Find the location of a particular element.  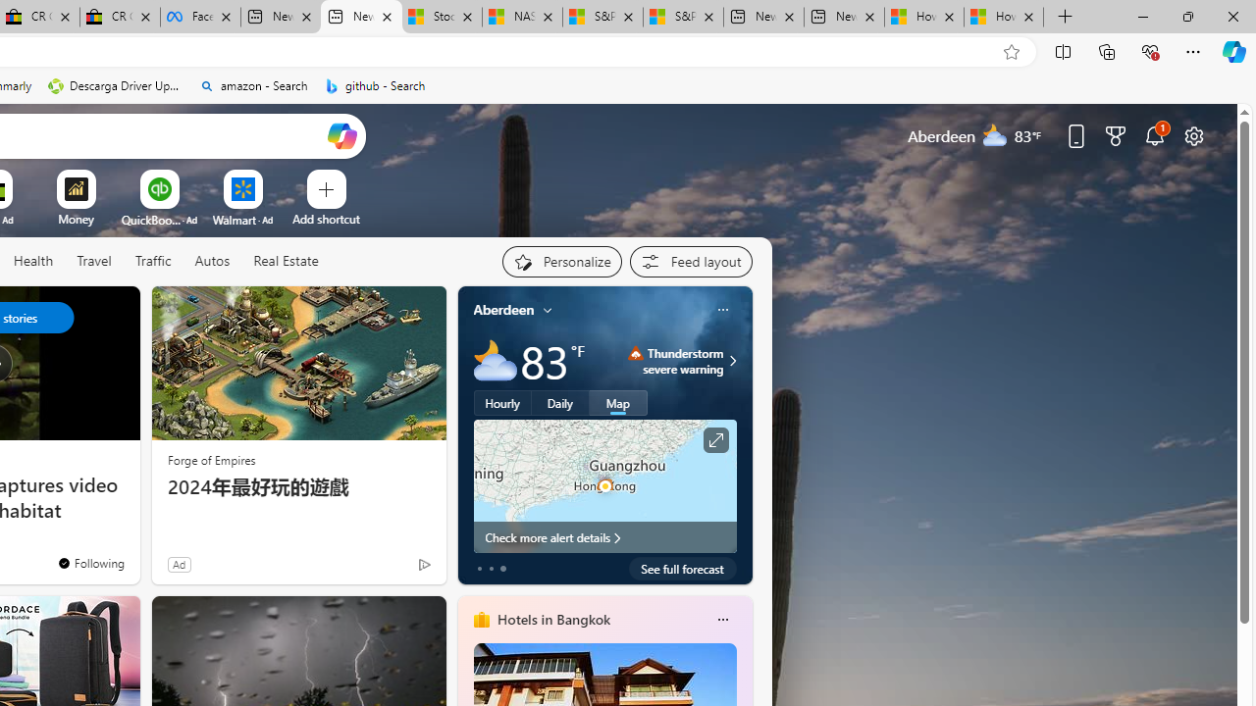

'Notifications' is located at coordinates (1154, 134).